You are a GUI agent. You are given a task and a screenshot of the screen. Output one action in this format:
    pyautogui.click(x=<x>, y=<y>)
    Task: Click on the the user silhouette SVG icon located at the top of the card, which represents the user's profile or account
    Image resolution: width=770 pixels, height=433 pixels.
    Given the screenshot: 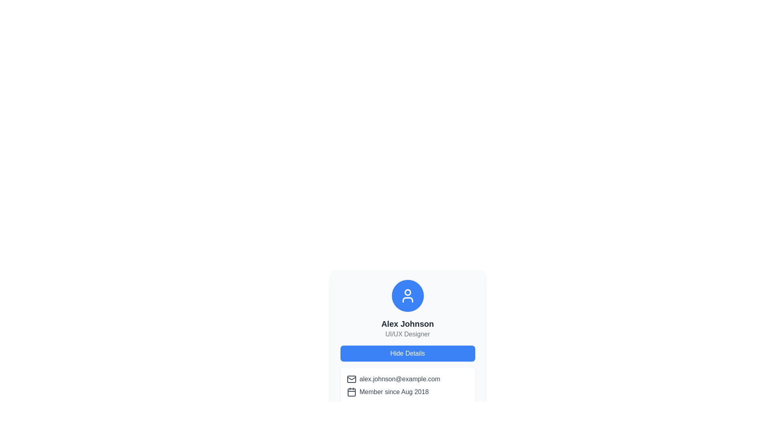 What is the action you would take?
    pyautogui.click(x=407, y=295)
    